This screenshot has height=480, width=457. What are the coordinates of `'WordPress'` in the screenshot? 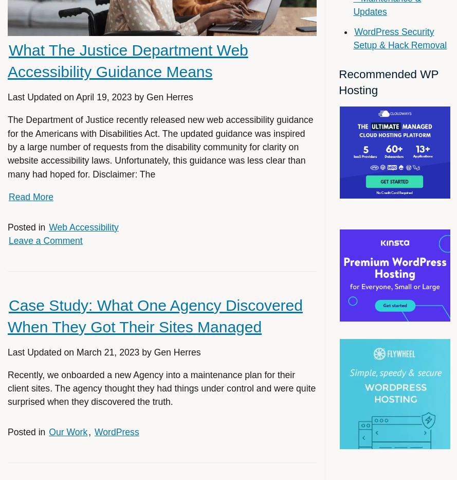 It's located at (94, 431).